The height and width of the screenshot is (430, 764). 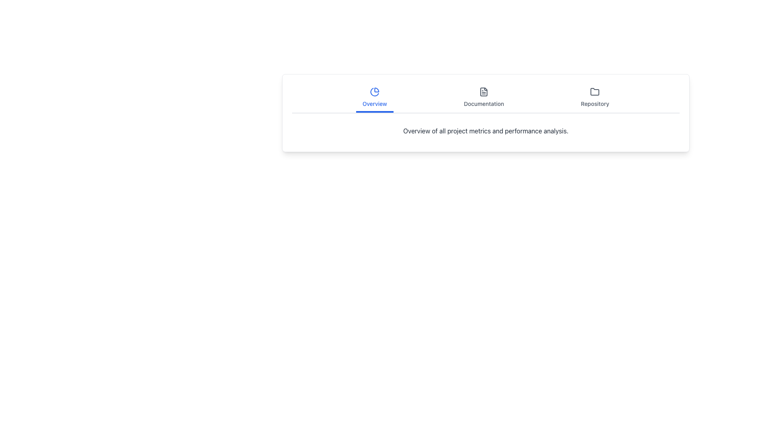 I want to click on the 'Documentation' SVG Icon in the navigation bar, which visually represents the Documentation section and is positioned centrally among other tabs, so click(x=483, y=92).